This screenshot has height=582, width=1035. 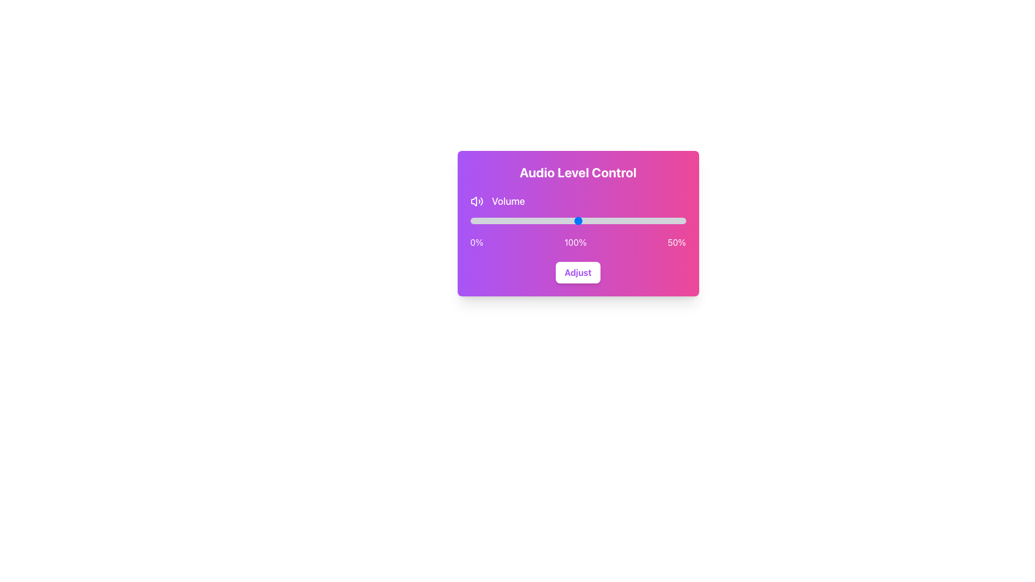 I want to click on the volume, so click(x=621, y=220).